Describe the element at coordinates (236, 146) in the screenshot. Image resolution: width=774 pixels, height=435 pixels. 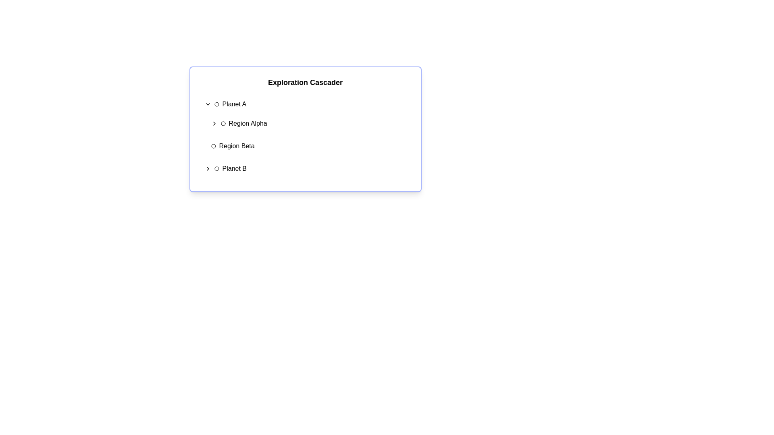
I see `the text label 'Region Beta'` at that location.